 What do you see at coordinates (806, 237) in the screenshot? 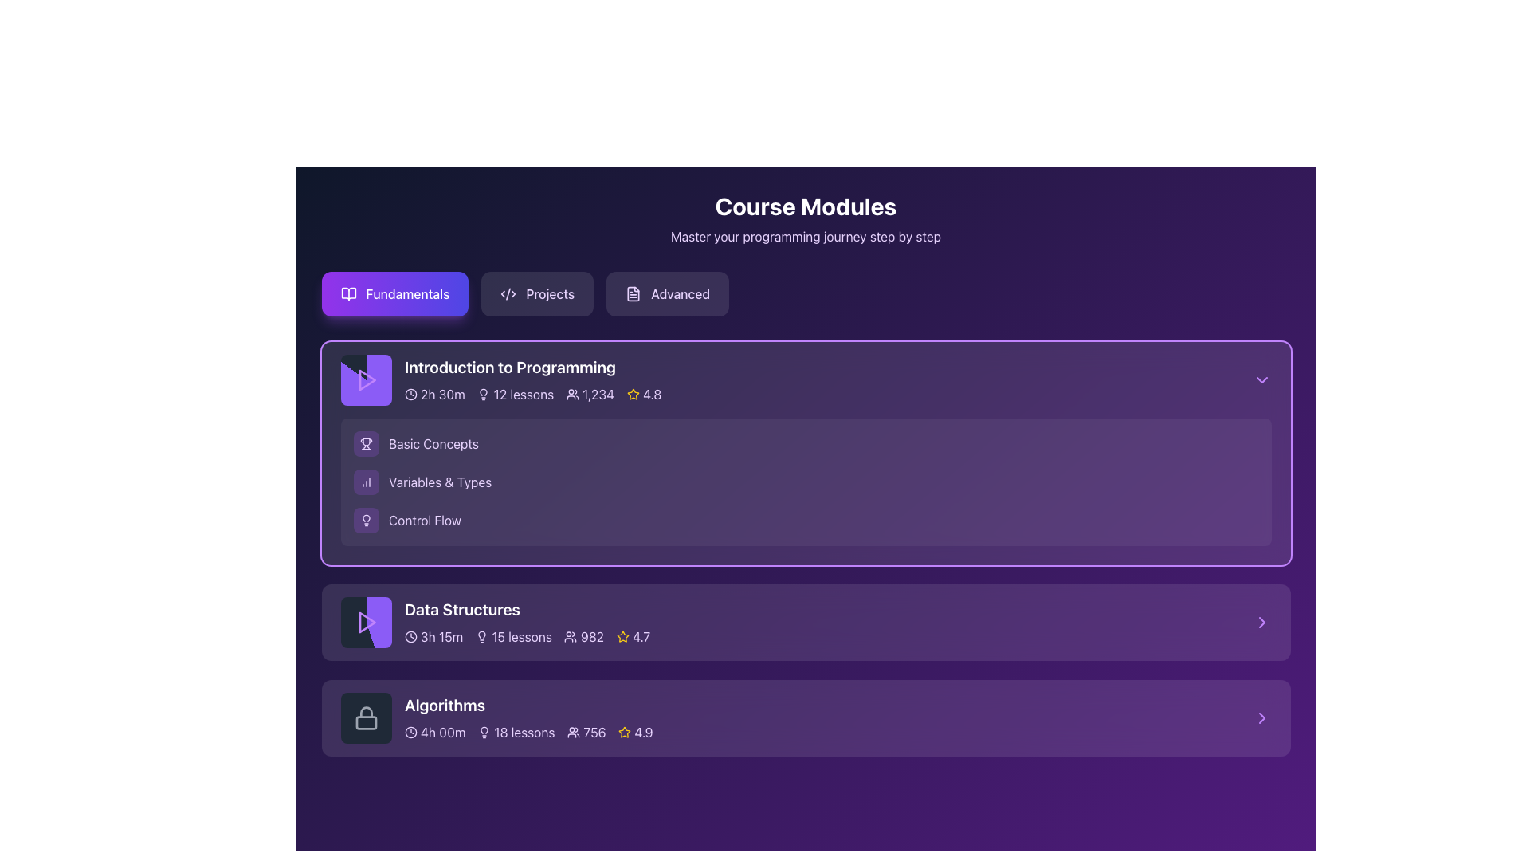
I see `the text label reading 'Master your programming journey step by step', which is positioned below the heading 'Course Modules' and spans across the width of the page` at bounding box center [806, 237].